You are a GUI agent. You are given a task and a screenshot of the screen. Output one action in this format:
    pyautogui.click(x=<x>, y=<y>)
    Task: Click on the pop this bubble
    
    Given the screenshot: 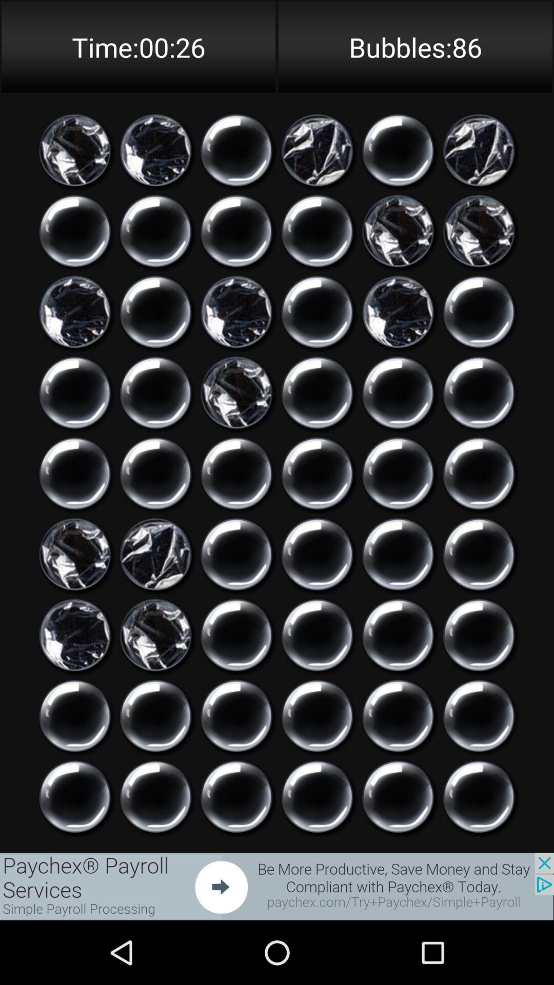 What is the action you would take?
    pyautogui.click(x=479, y=392)
    